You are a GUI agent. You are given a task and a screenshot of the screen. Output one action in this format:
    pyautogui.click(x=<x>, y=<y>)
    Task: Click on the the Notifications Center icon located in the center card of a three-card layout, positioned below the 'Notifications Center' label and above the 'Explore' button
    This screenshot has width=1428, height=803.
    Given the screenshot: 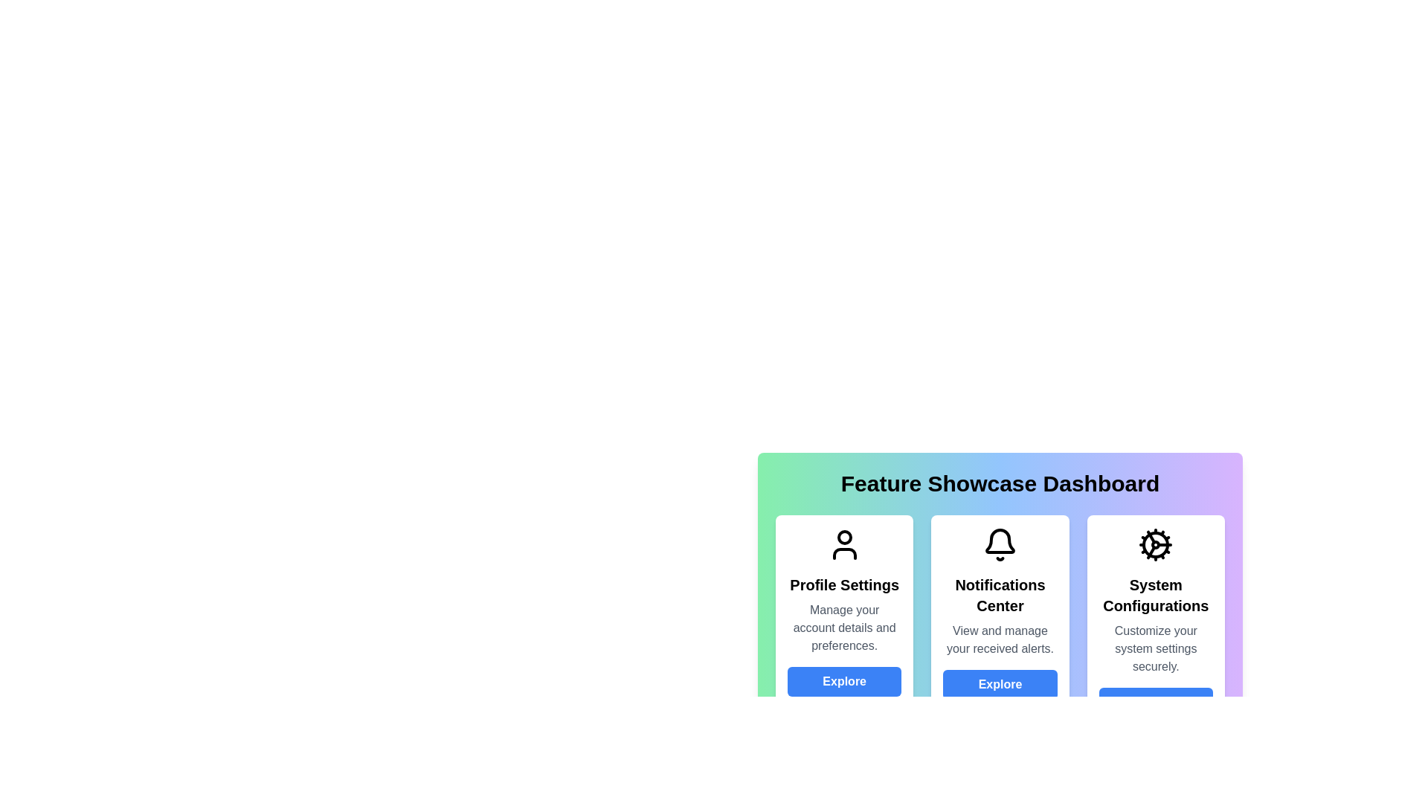 What is the action you would take?
    pyautogui.click(x=1000, y=544)
    